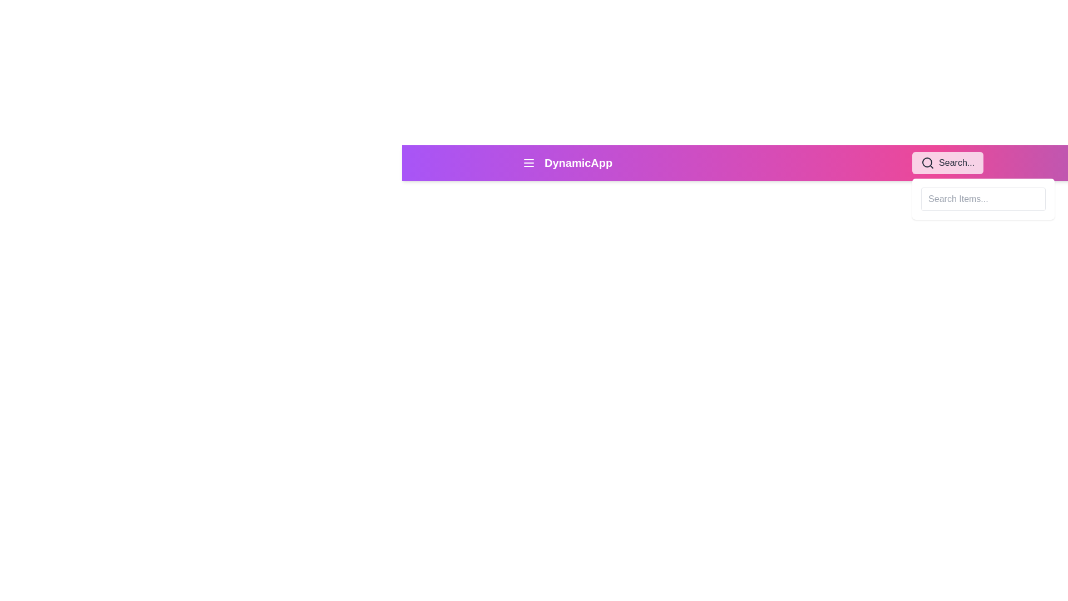 This screenshot has height=601, width=1068. Describe the element at coordinates (947, 163) in the screenshot. I see `the magnifying glass icon in the Search input activator` at that location.